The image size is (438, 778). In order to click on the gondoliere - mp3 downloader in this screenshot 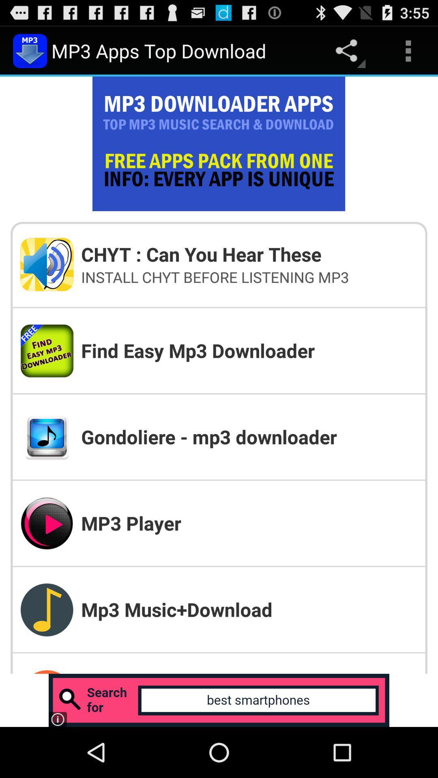, I will do `click(249, 436)`.